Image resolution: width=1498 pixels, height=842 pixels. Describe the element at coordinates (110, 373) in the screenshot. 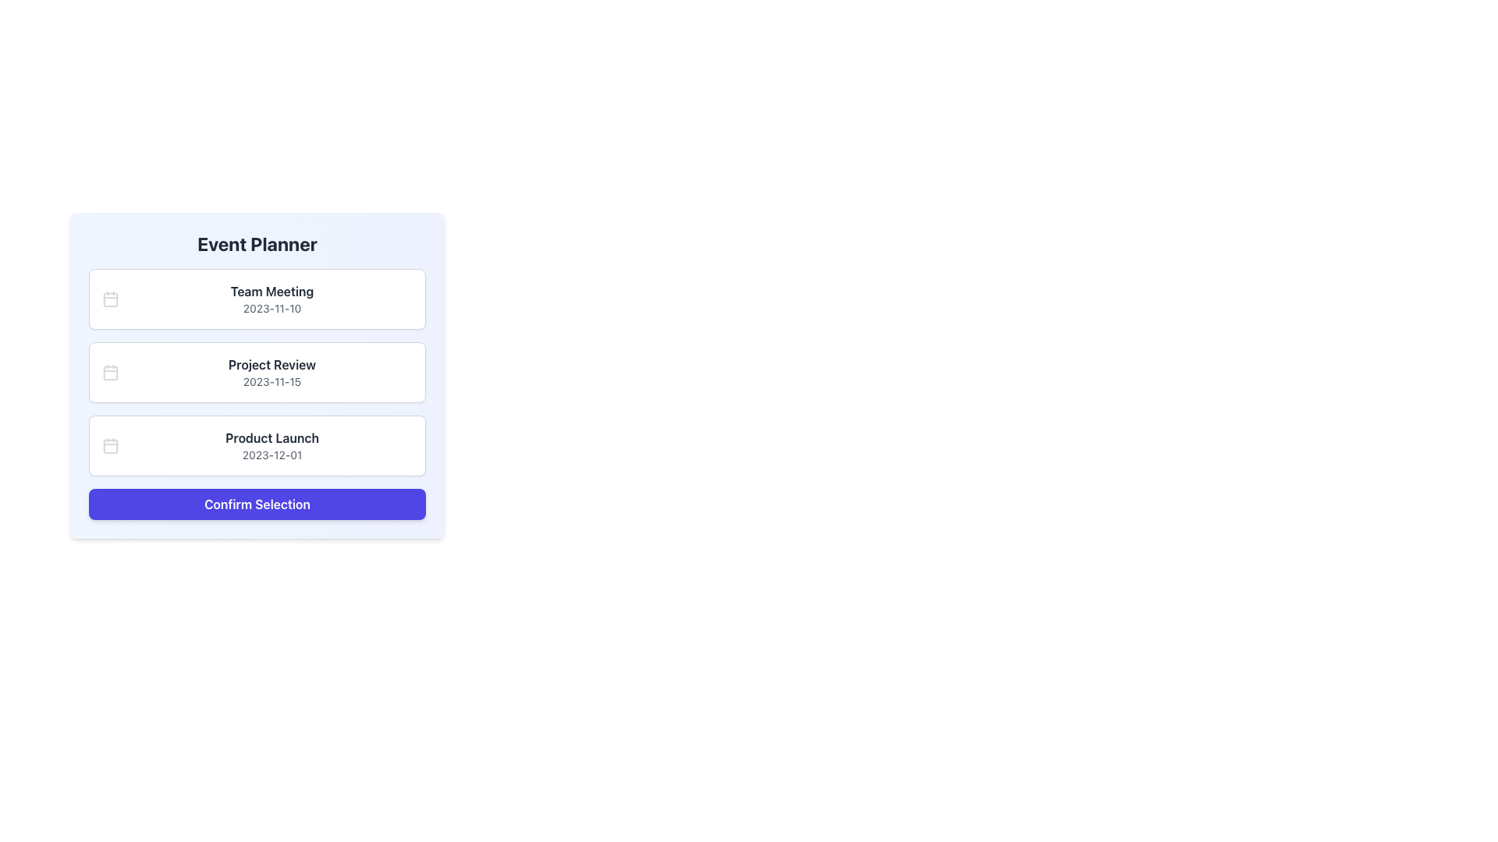

I see `the calendar icon for the second event entry titled 'Project Review' with the date '2023-11-15'` at that location.